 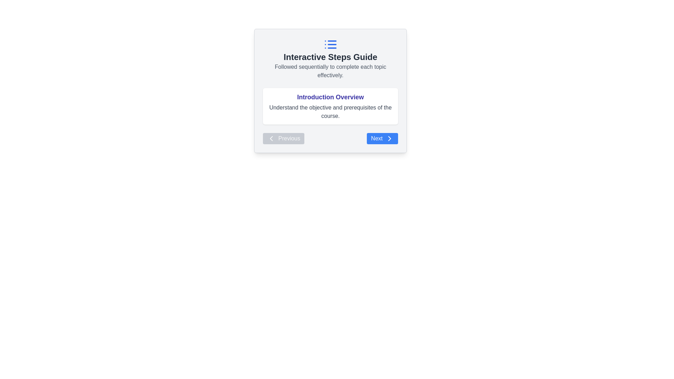 What do you see at coordinates (271, 138) in the screenshot?
I see `the backward navigation icon located to the left of the 'Previous' button text at the bottom-left of the interface` at bounding box center [271, 138].